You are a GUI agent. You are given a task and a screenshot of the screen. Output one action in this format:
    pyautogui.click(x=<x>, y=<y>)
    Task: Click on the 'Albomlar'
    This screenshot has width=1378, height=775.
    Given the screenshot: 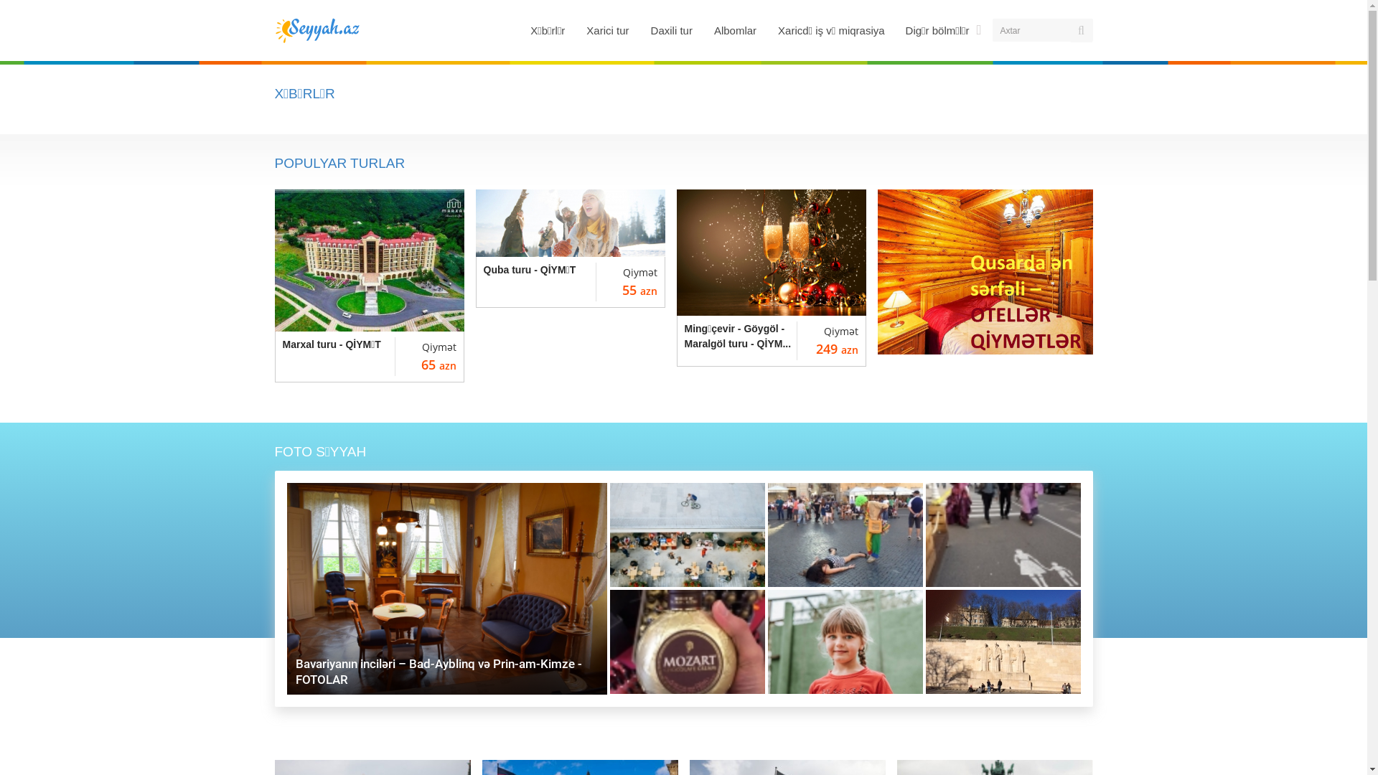 What is the action you would take?
    pyautogui.click(x=735, y=30)
    